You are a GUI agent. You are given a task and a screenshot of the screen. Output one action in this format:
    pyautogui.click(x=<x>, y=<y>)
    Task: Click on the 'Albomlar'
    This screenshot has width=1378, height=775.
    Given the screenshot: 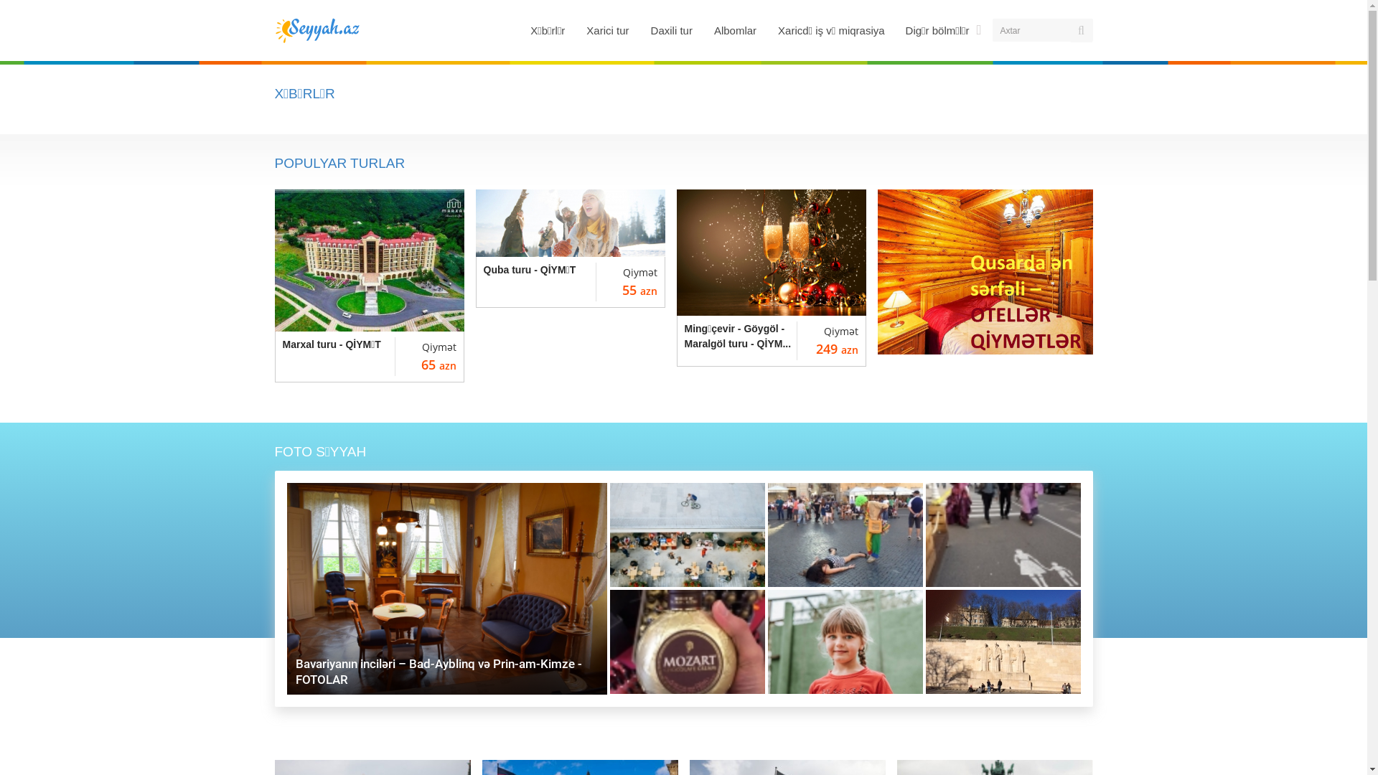 What is the action you would take?
    pyautogui.click(x=735, y=30)
    